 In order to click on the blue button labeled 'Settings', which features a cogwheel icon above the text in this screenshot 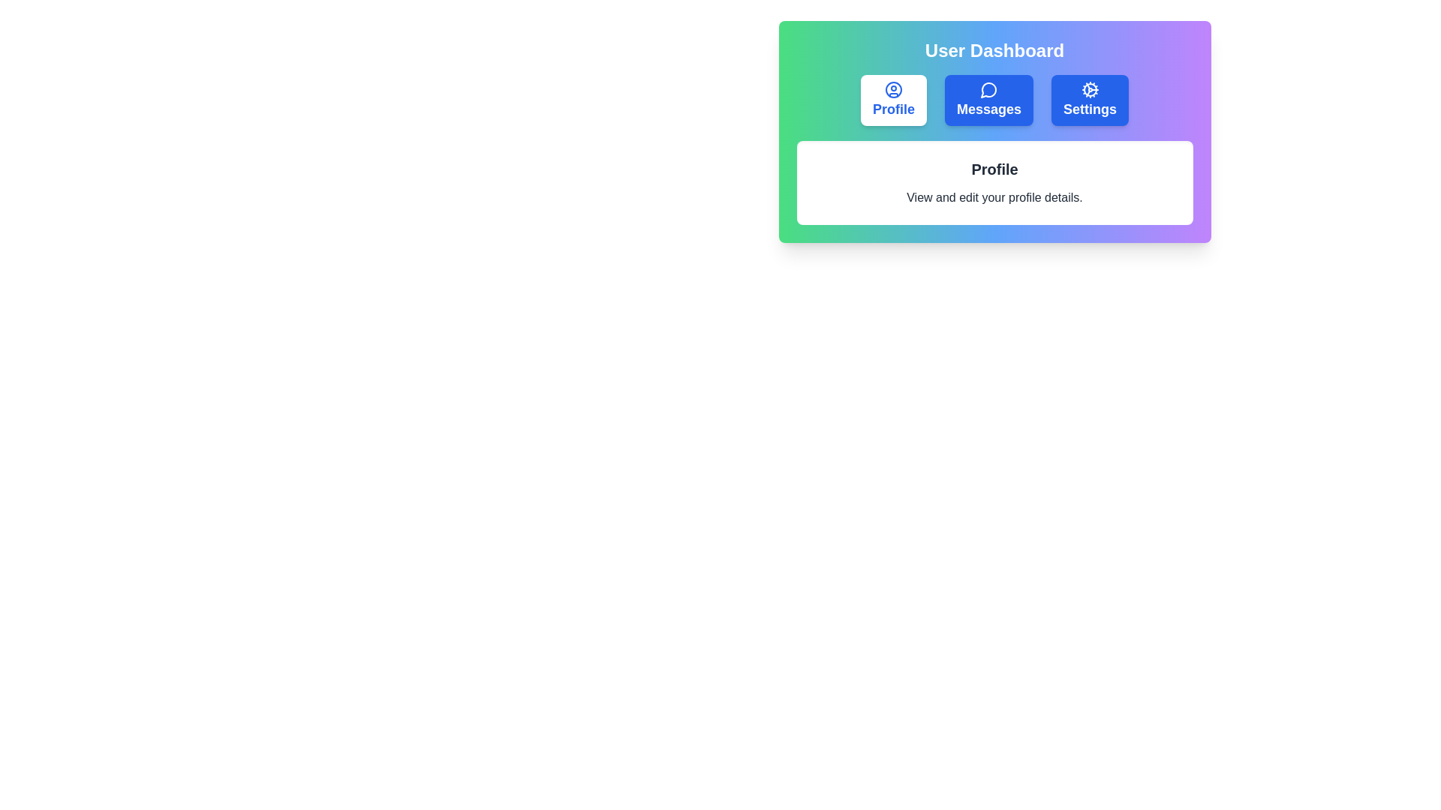, I will do `click(1090, 100)`.